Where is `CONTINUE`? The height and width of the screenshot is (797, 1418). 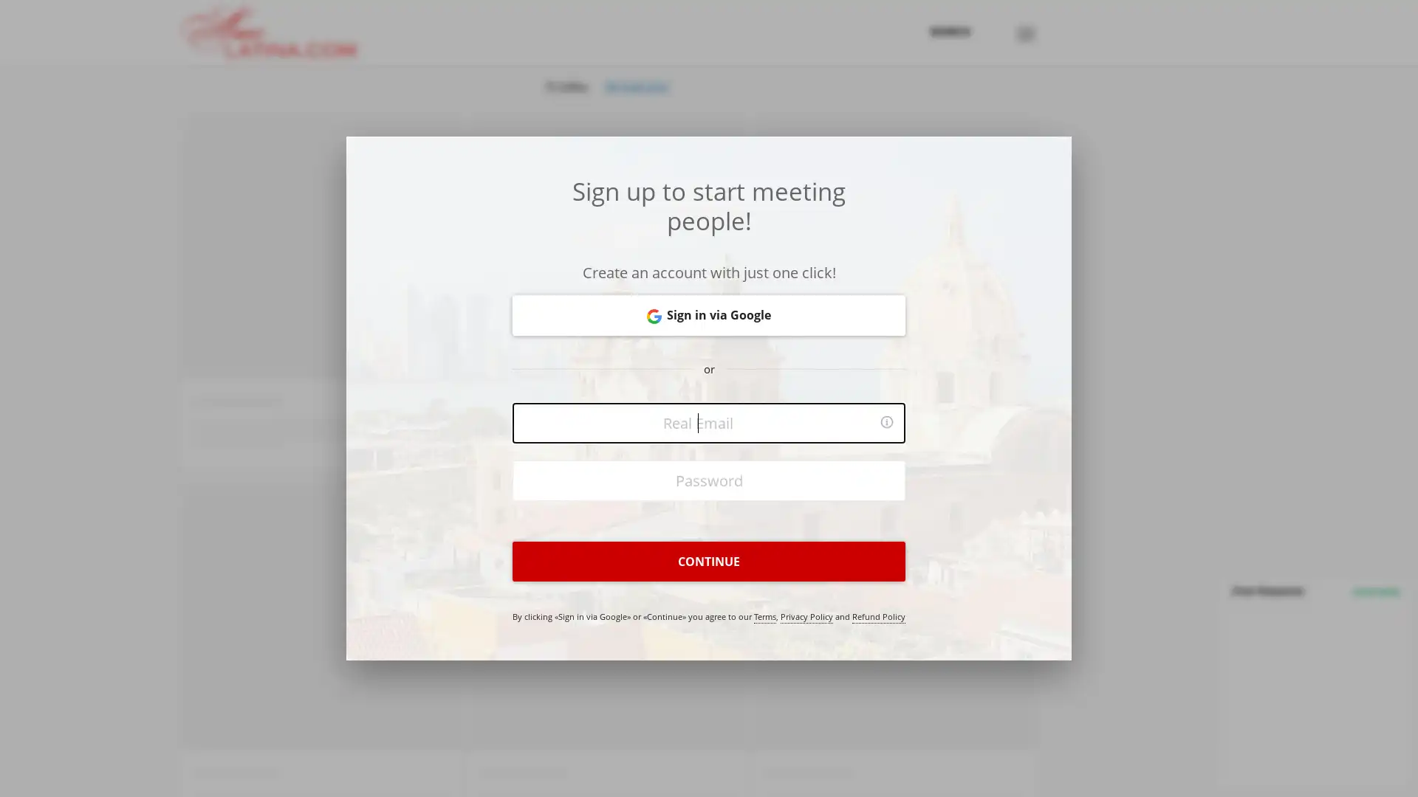 CONTINUE is located at coordinates (709, 561).